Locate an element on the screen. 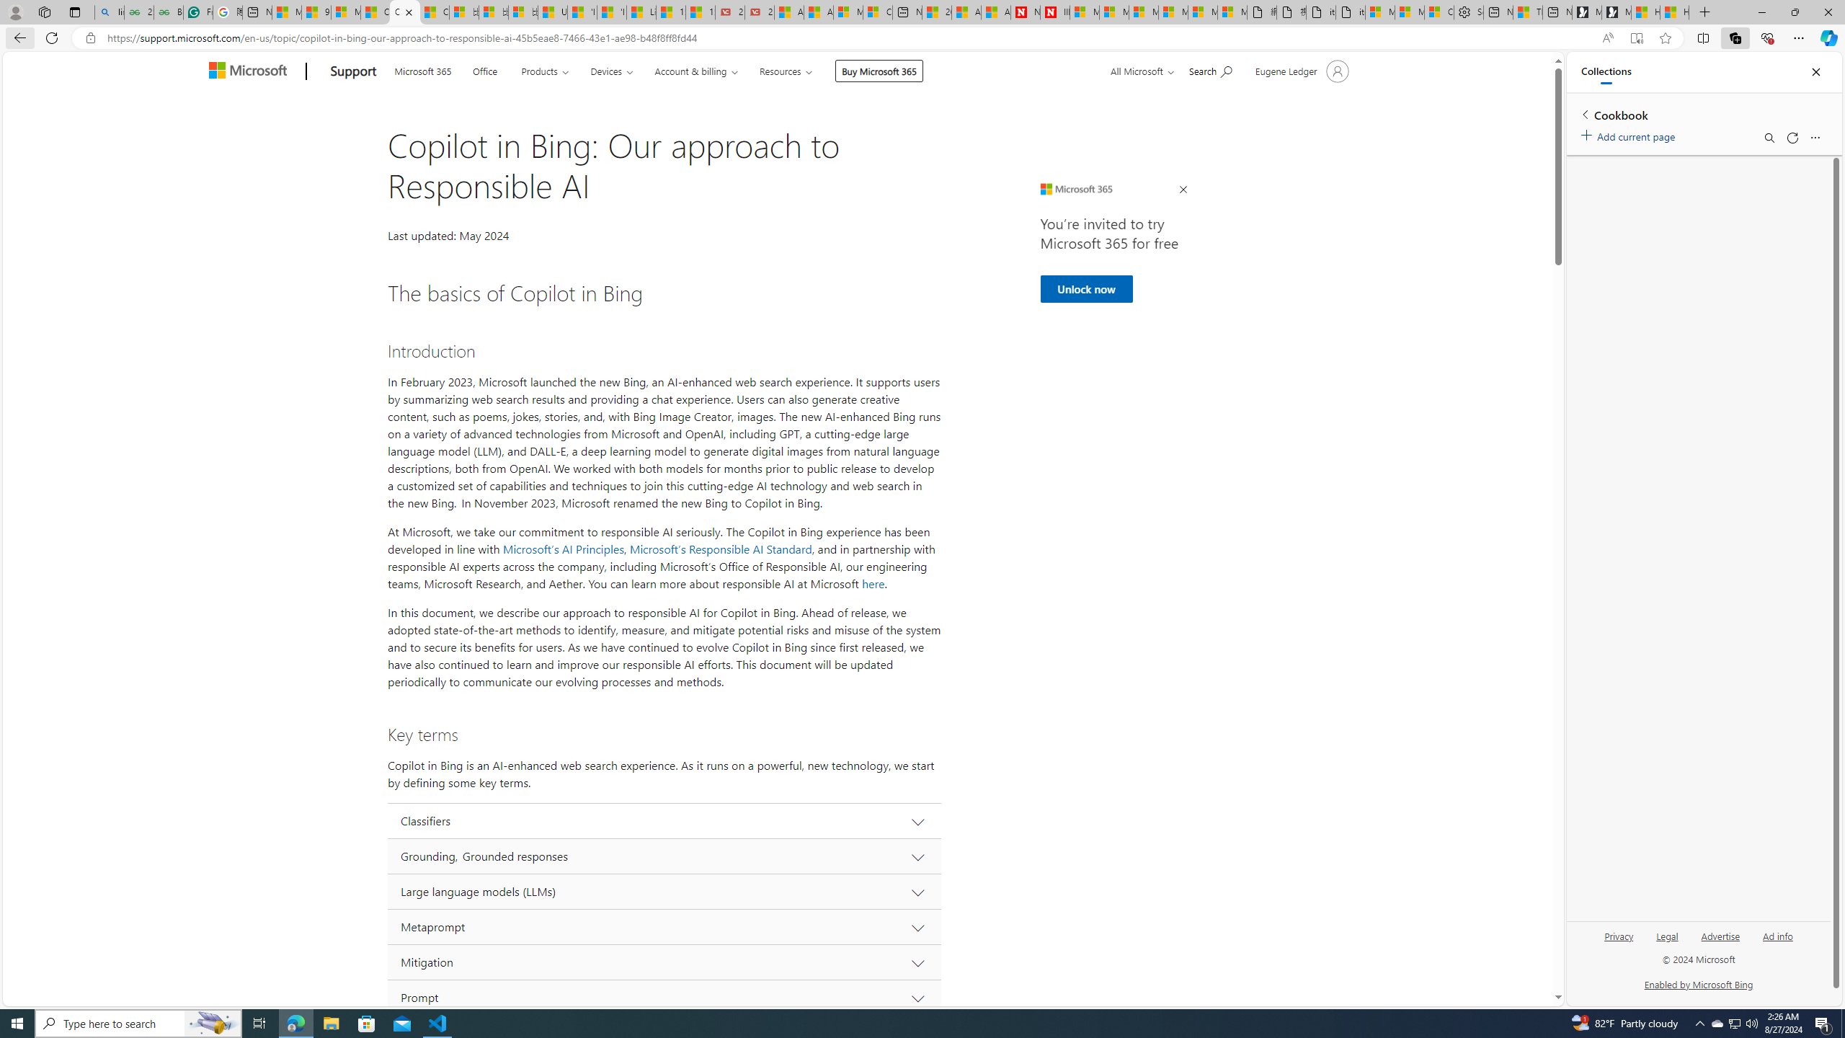 The width and height of the screenshot is (1845, 1038). 'Search' is located at coordinates (1769, 138).